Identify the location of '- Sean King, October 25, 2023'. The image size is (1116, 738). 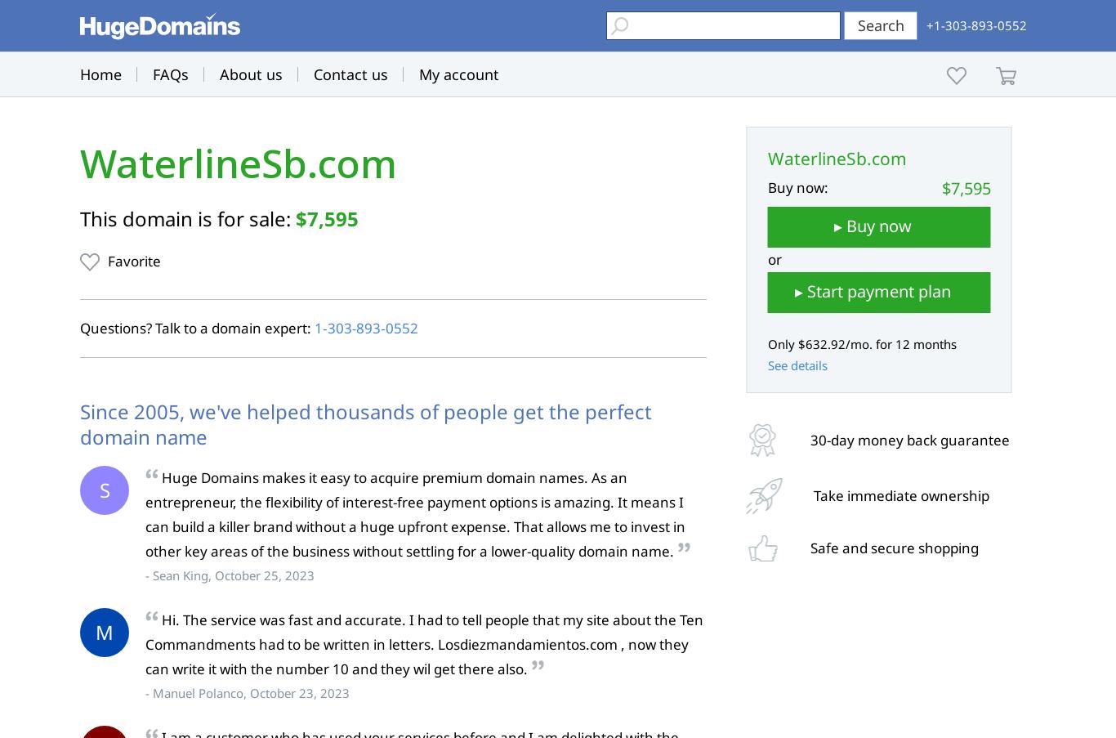
(230, 574).